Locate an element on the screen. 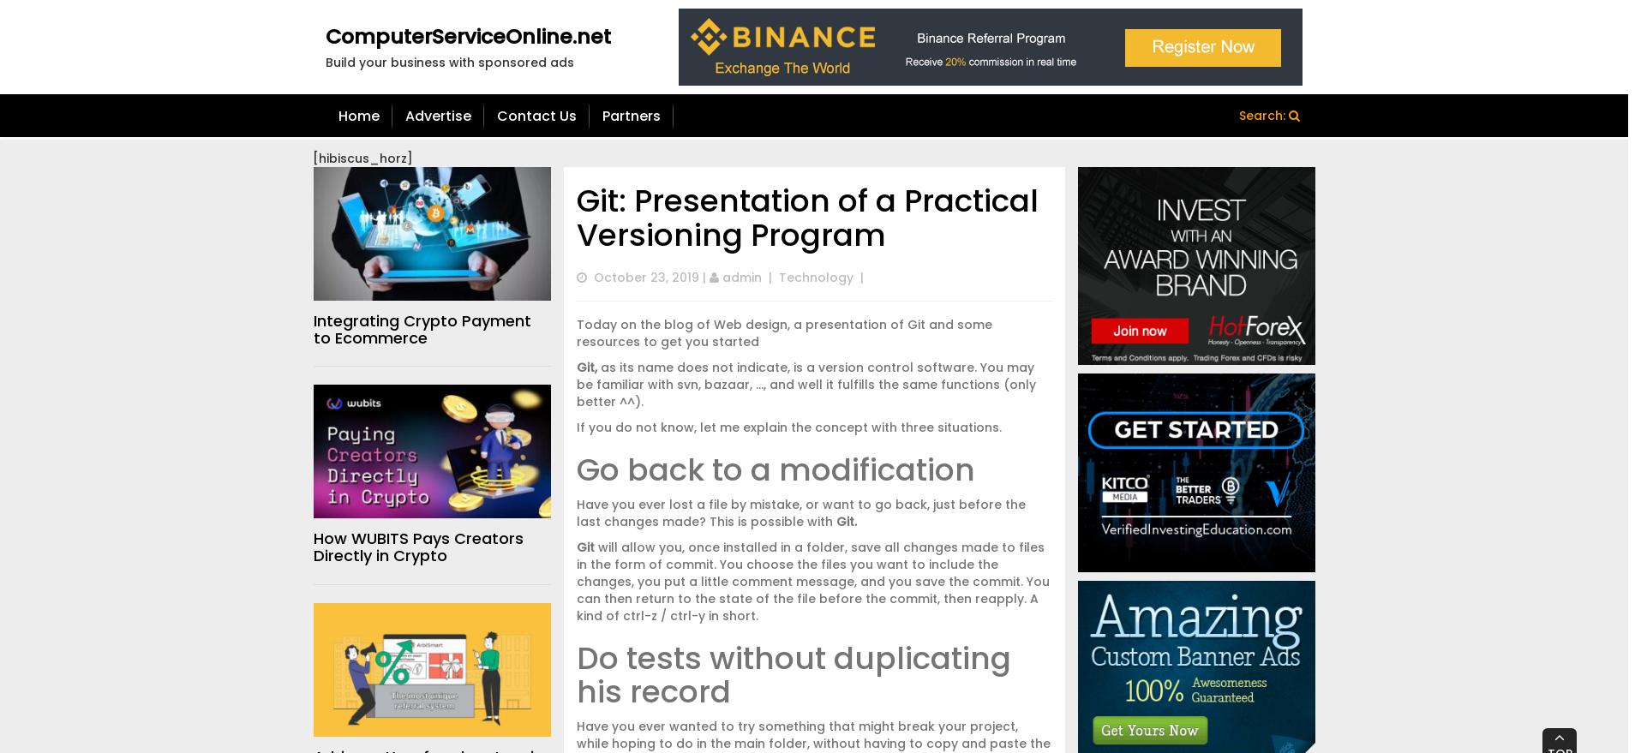 The image size is (1641, 753). 'This is possible with' is located at coordinates (771, 521).